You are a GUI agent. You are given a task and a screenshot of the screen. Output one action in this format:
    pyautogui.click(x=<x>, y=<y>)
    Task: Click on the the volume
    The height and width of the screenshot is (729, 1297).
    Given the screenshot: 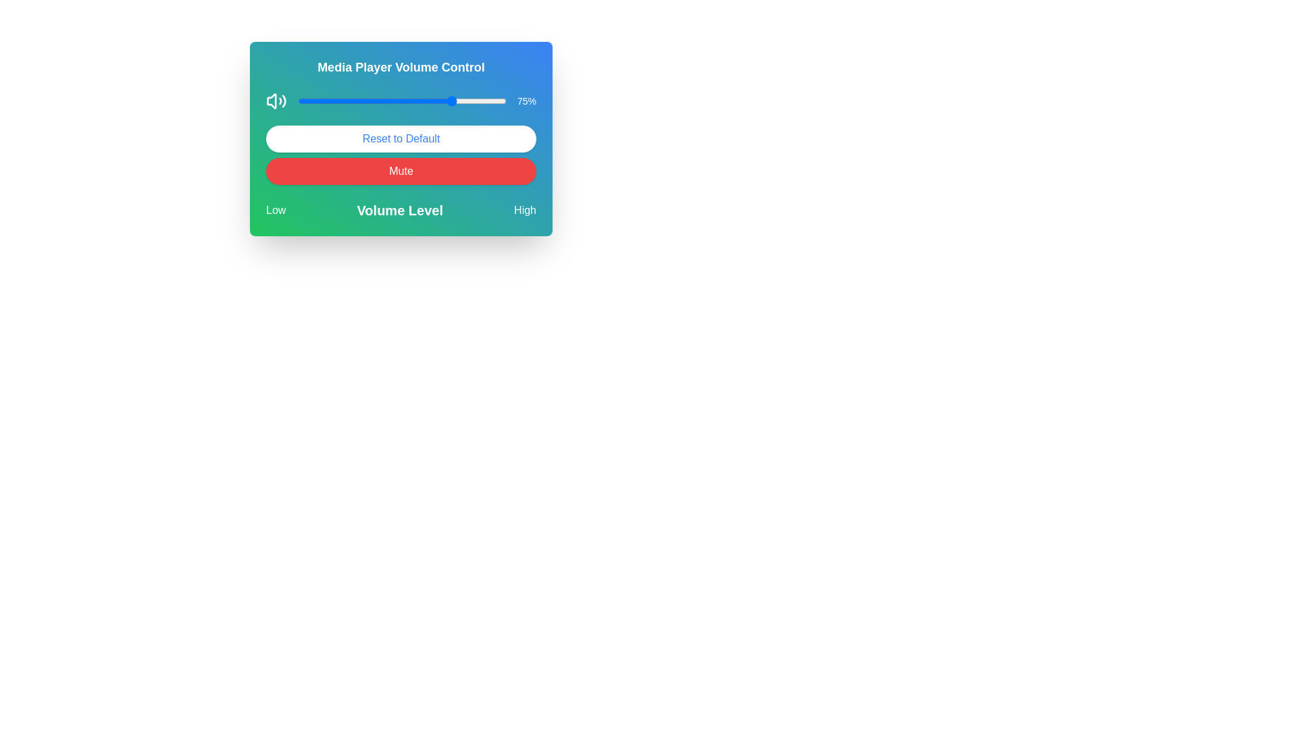 What is the action you would take?
    pyautogui.click(x=448, y=101)
    